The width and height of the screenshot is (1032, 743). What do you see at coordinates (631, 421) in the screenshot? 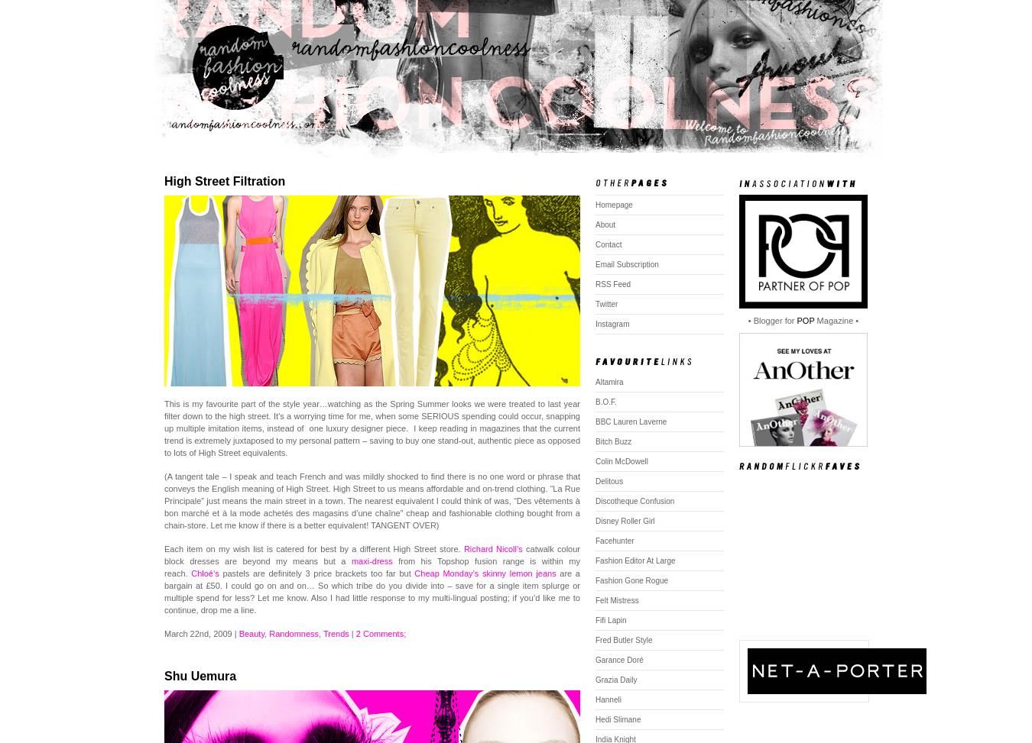
I see `'BBC Lauren Laverne'` at bounding box center [631, 421].